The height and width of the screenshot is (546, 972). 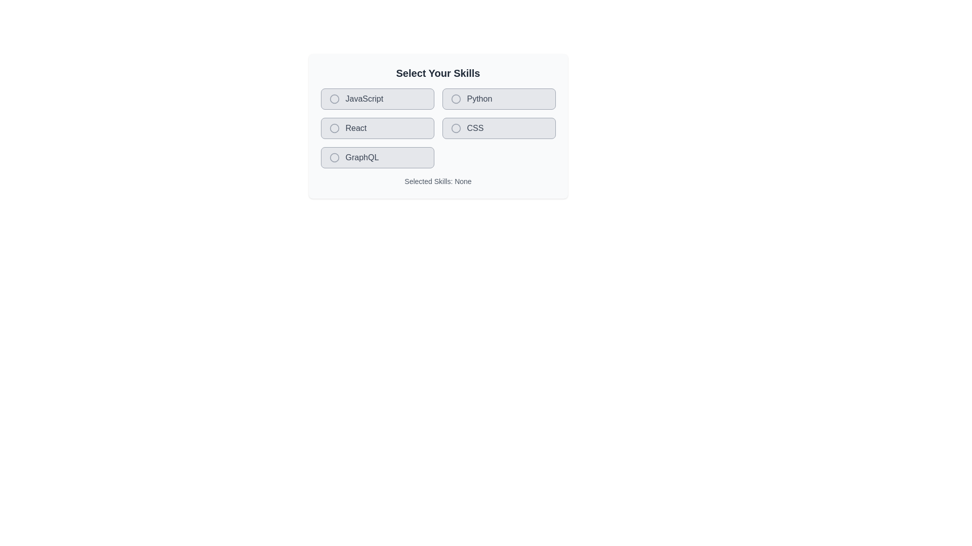 What do you see at coordinates (499, 99) in the screenshot?
I see `the skill chip corresponding to Python` at bounding box center [499, 99].